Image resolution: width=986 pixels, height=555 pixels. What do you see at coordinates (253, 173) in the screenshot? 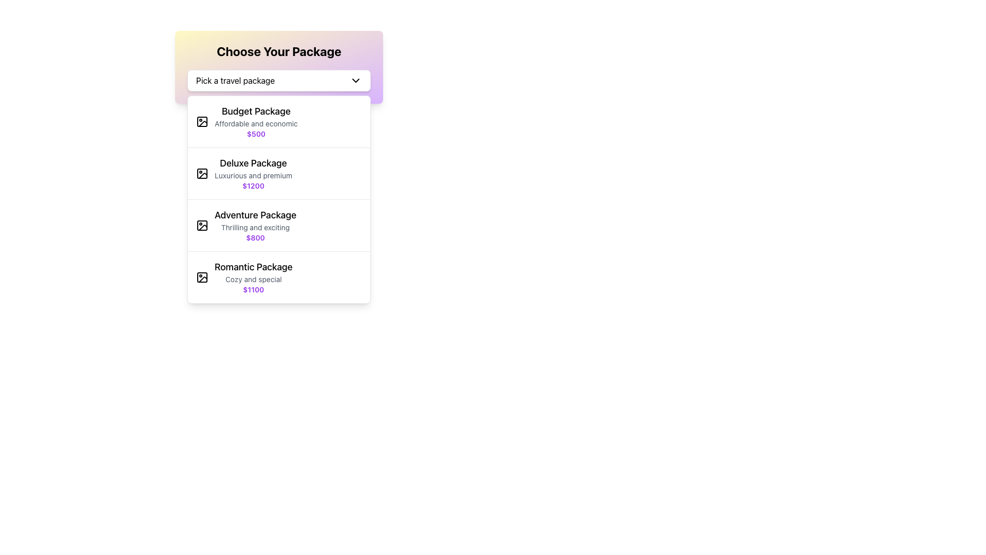
I see `information displayed in the Informational Block titled 'Deluxe Package' which includes a subtitle and price details` at bounding box center [253, 173].